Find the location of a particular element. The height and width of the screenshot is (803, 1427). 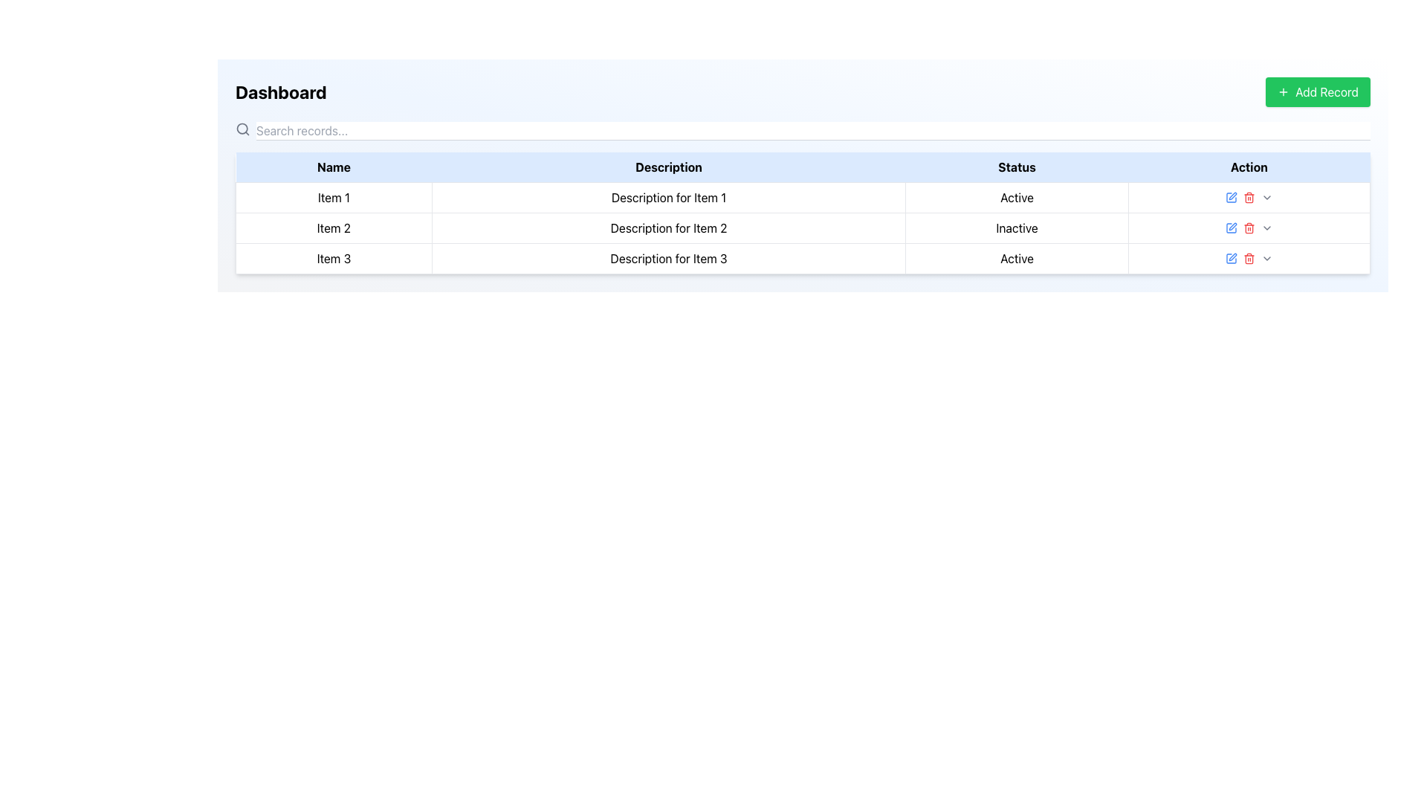

the interactive button represented by a pen icon in the first row of the 'Action' column to observe its color change, indicated by the styles 'text-blue-500' and 'hover:text-blue-700' is located at coordinates (1231, 197).